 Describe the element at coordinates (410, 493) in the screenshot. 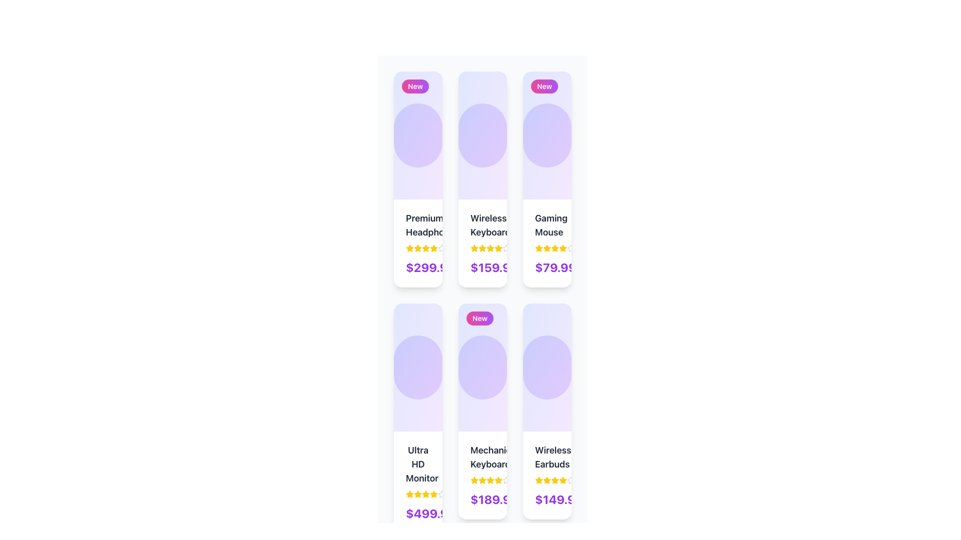

I see `the first yellow star icon in the row of star rating icons to interact with the product rating` at that location.